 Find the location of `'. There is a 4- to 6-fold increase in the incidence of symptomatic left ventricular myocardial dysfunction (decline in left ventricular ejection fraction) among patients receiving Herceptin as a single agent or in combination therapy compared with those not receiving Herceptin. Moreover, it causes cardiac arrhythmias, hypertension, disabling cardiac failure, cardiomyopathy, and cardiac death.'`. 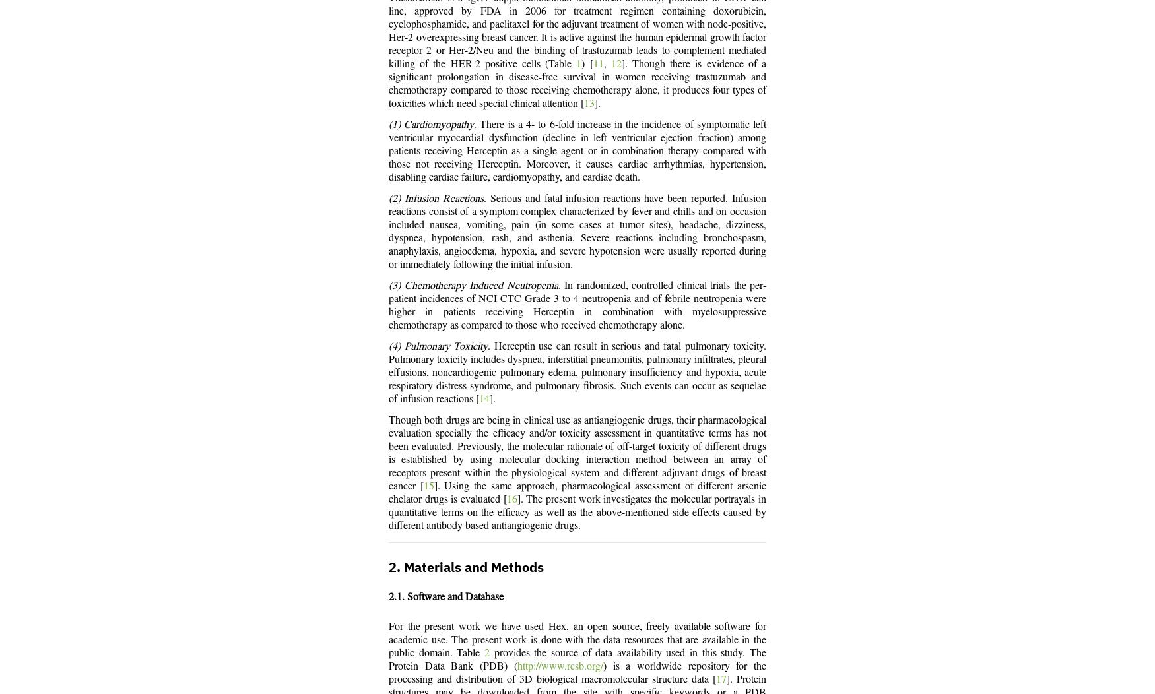

'. There is a 4- to 6-fold increase in the incidence of symptomatic left ventricular myocardial dysfunction (decline in left ventricular ejection fraction) among patients receiving Herceptin as a single agent or in combination therapy compared with those not receiving Herceptin. Moreover, it causes cardiac arrhythmias, hypertension, disabling cardiac failure, cardiomyopathy, and cardiac death.' is located at coordinates (577, 150).